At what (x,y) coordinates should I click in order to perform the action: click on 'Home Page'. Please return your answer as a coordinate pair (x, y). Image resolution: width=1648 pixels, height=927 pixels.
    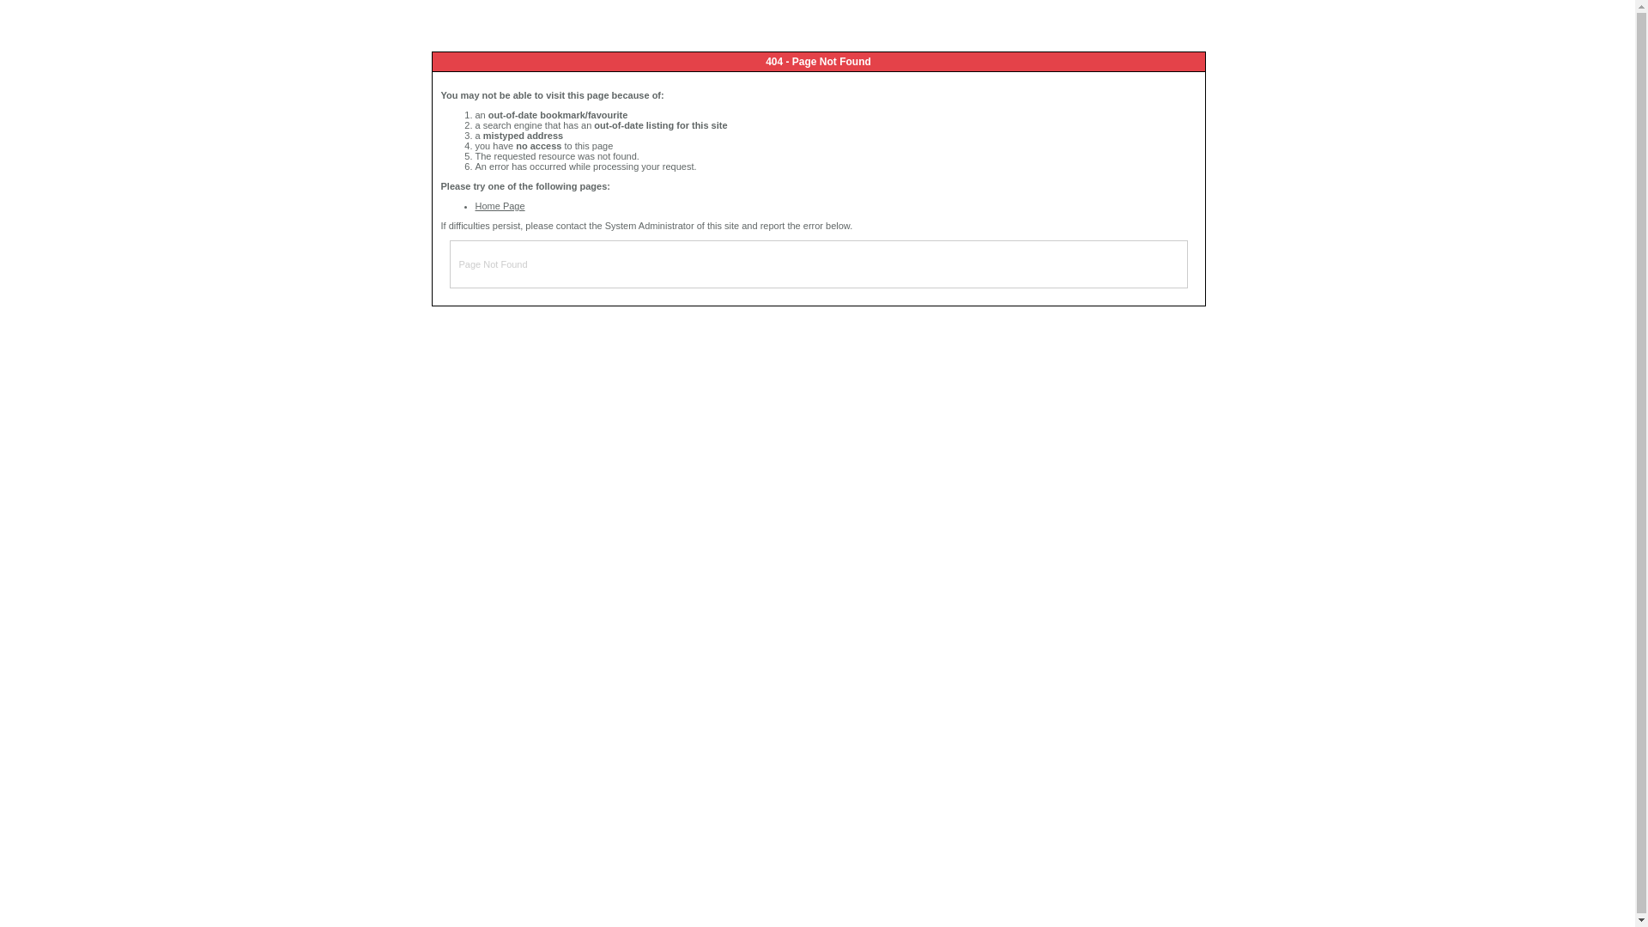
    Looking at the image, I should click on (499, 204).